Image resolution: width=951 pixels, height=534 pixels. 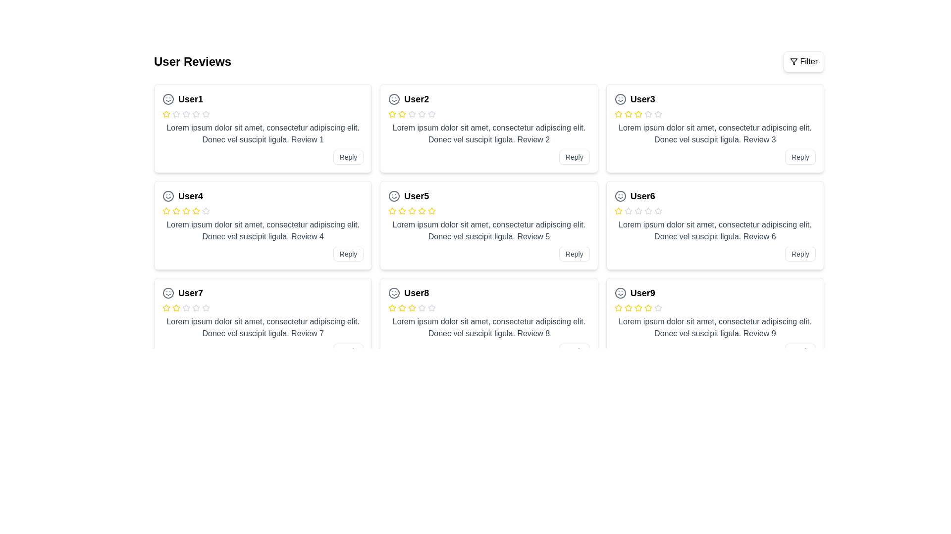 What do you see at coordinates (412, 308) in the screenshot?
I see `the fifth star in the rating system under the review titled 'User8' to rate` at bounding box center [412, 308].